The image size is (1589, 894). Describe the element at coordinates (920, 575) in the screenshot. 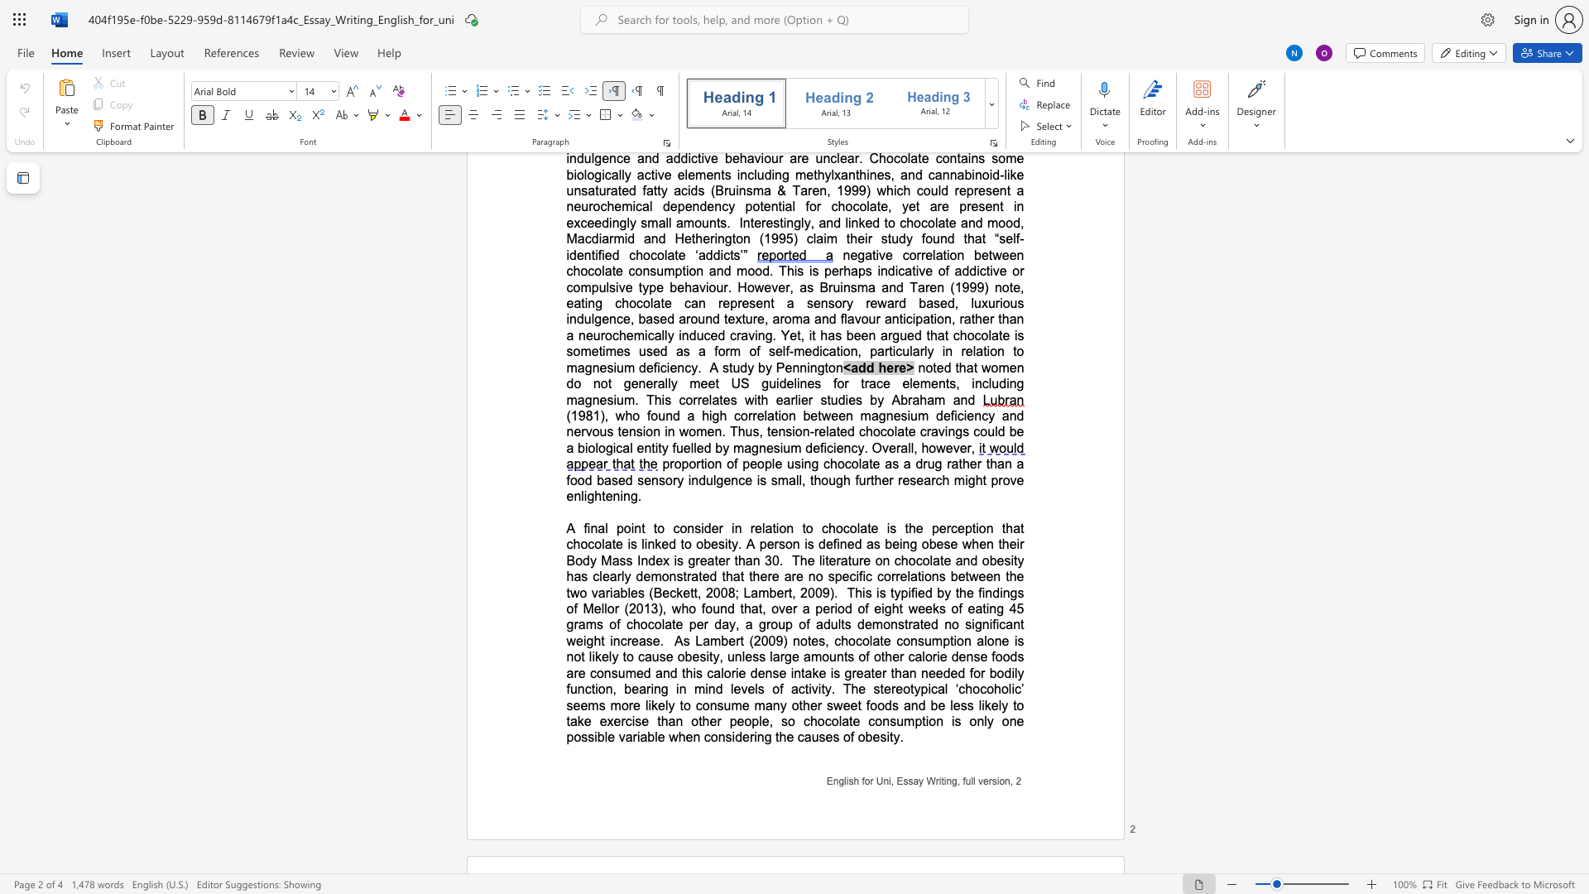

I see `the subset text "ions between the two variabl" within the text "that there are no specific correlations between the two variables (Beckett, 2008; Lambert, 2009)"` at that location.